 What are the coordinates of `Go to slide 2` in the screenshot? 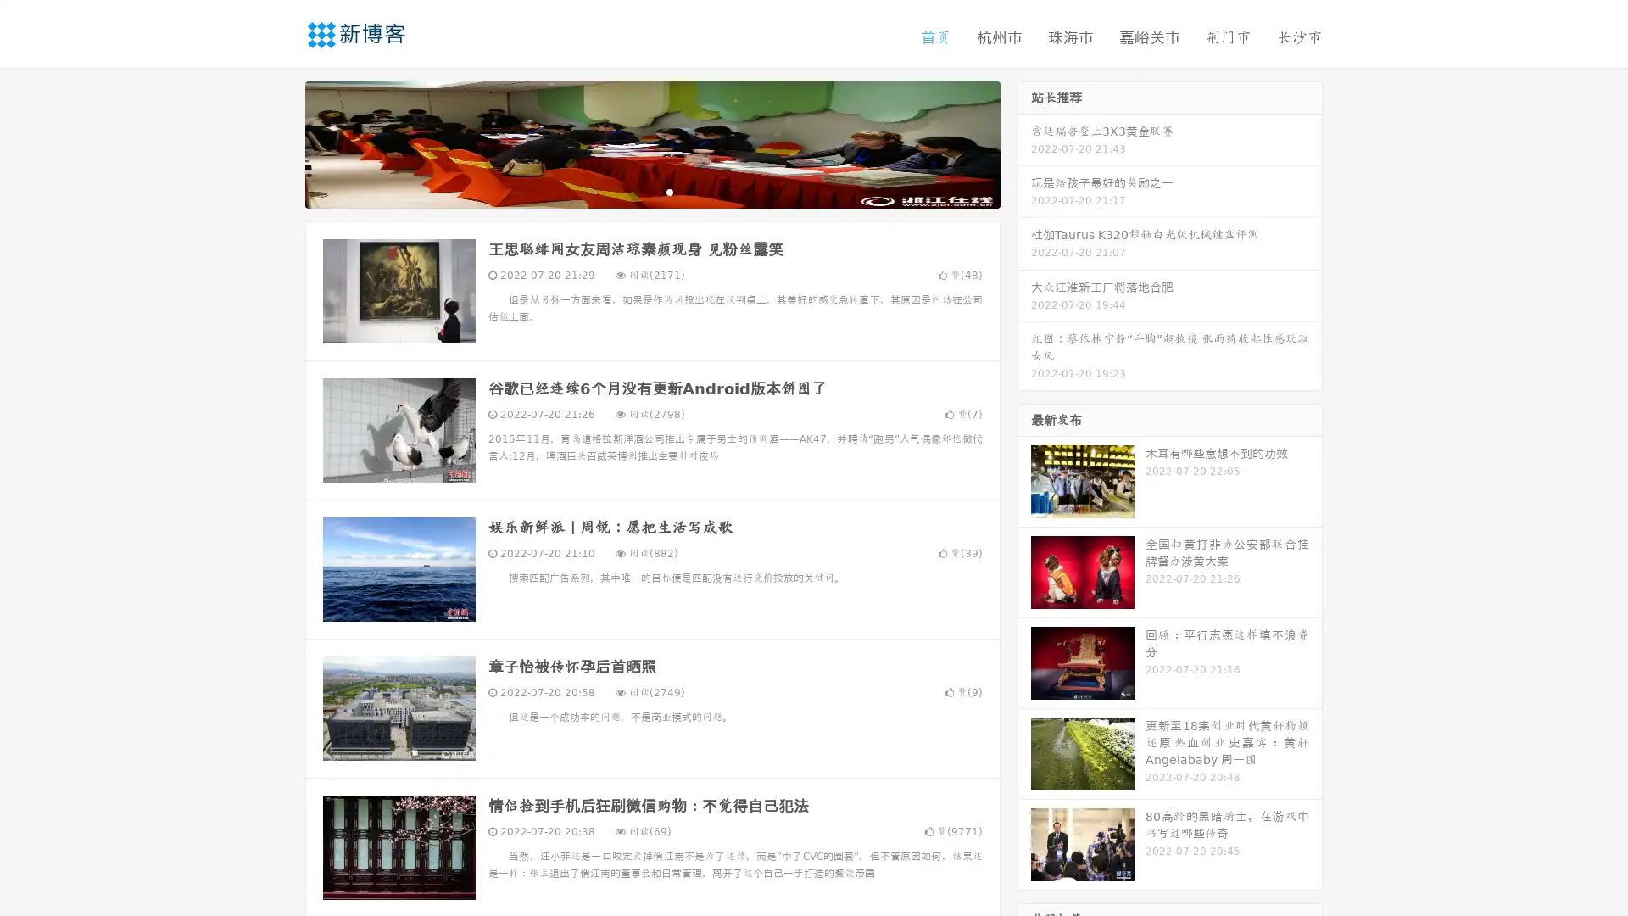 It's located at (651, 191).